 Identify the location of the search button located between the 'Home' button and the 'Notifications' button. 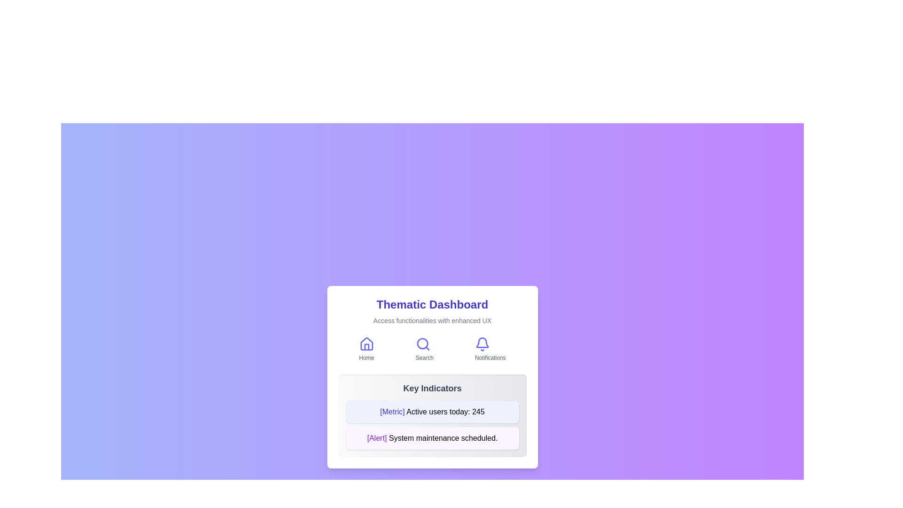
(424, 350).